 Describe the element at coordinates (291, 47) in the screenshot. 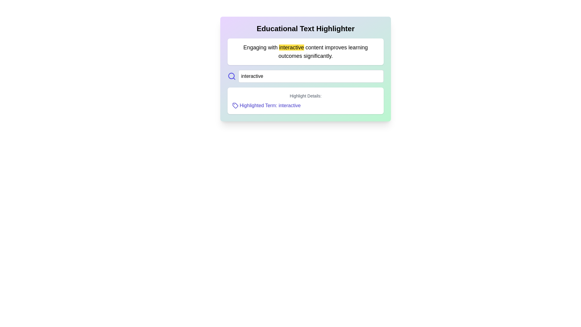

I see `the highlighted word 'interactive' in the main content area, which emphasizes its importance in the sentence` at that location.